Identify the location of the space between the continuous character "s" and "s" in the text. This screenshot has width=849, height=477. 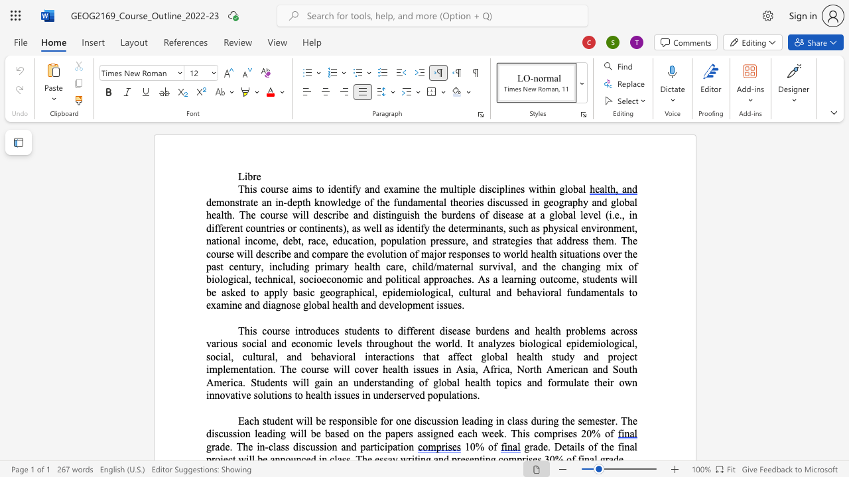
(443, 305).